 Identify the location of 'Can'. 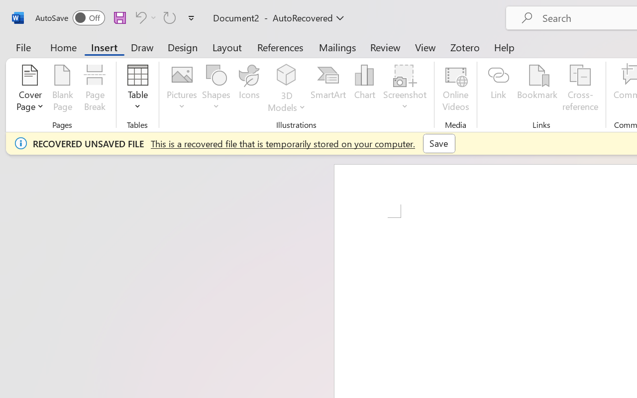
(170, 17).